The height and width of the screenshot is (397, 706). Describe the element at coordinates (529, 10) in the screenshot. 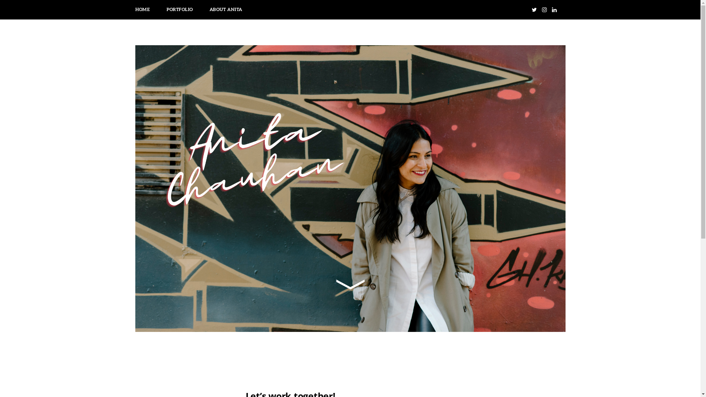

I see `'Twitter'` at that location.